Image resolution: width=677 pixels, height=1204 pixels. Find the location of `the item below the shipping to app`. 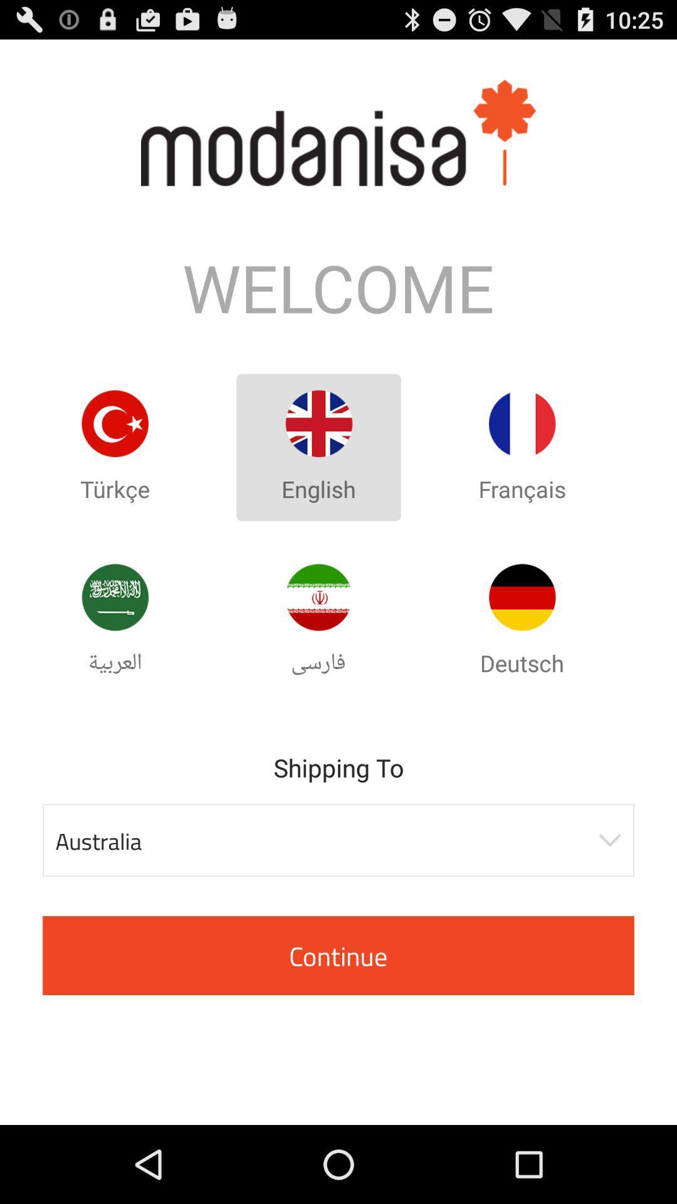

the item below the shipping to app is located at coordinates (338, 840).